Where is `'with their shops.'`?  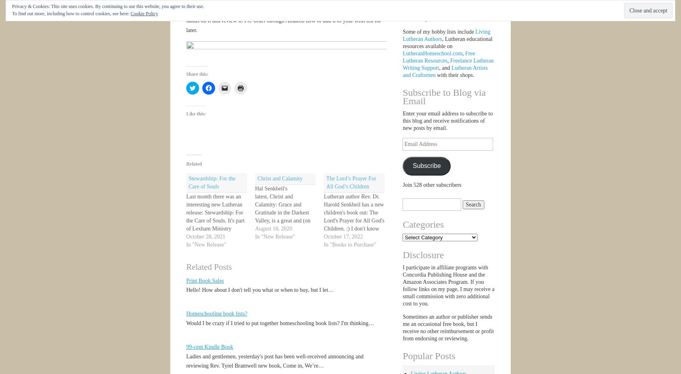
'with their shops.' is located at coordinates (435, 75).